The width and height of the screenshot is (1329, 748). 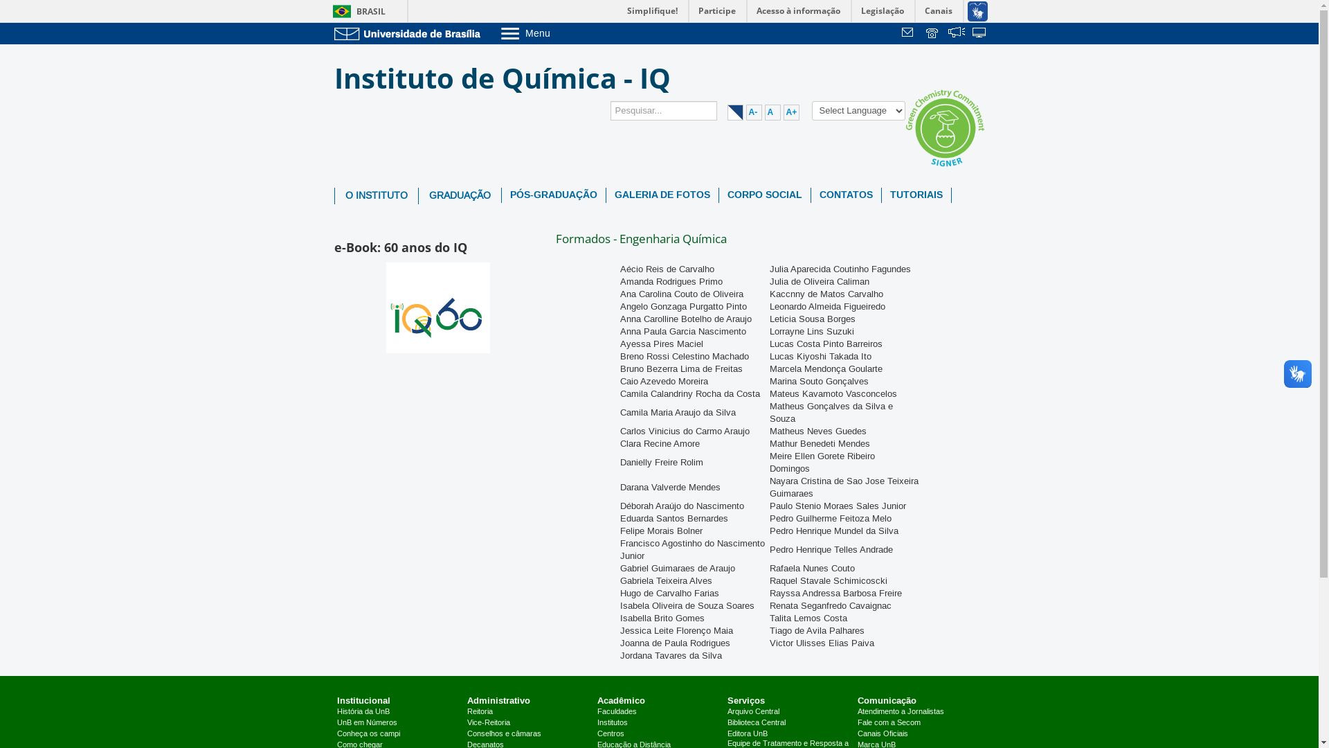 What do you see at coordinates (979, 33) in the screenshot?
I see `' '` at bounding box center [979, 33].